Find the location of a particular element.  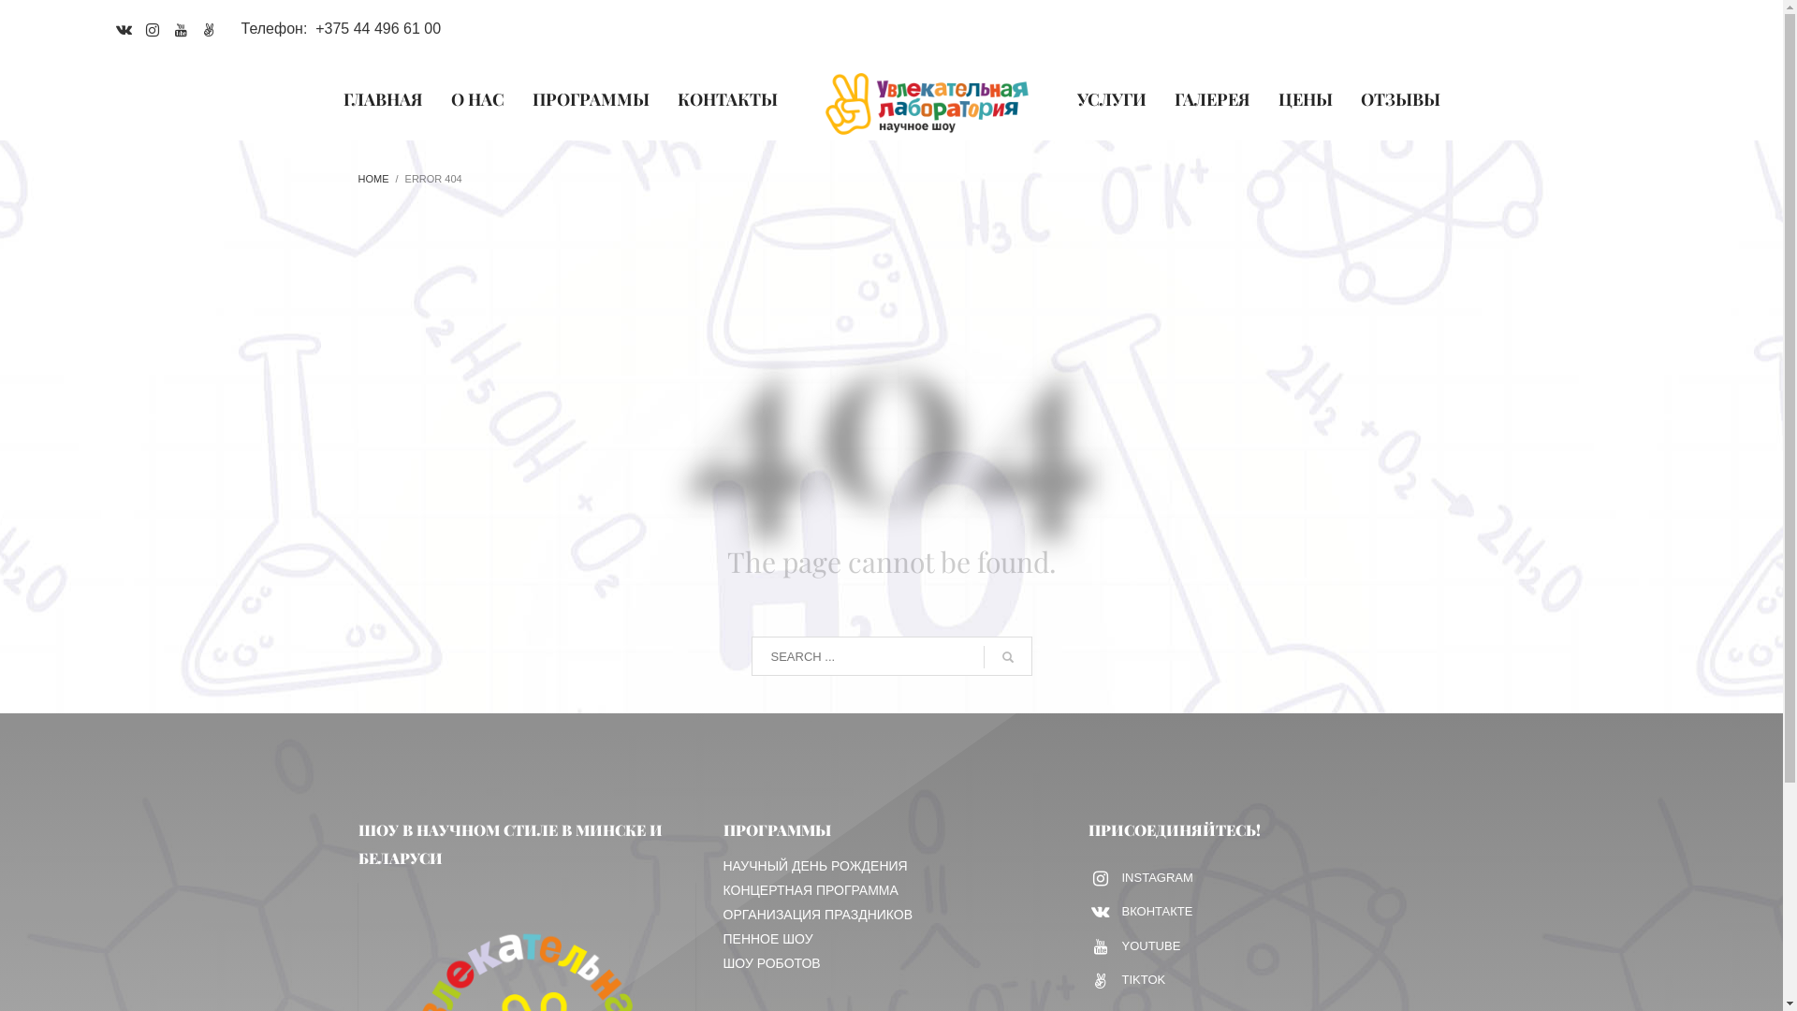

'TIKTOK' is located at coordinates (1141, 979).